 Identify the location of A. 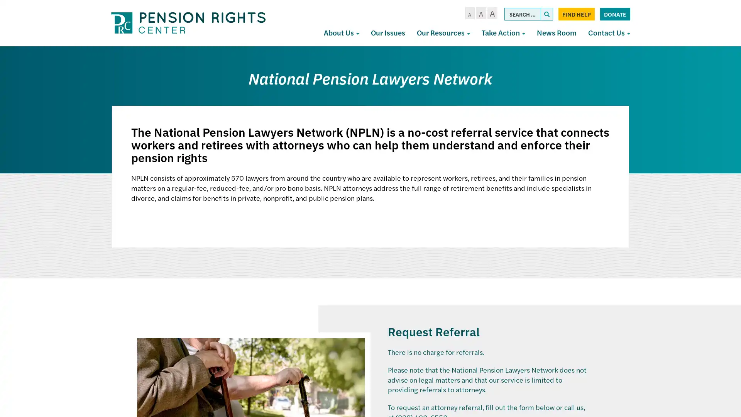
(491, 13).